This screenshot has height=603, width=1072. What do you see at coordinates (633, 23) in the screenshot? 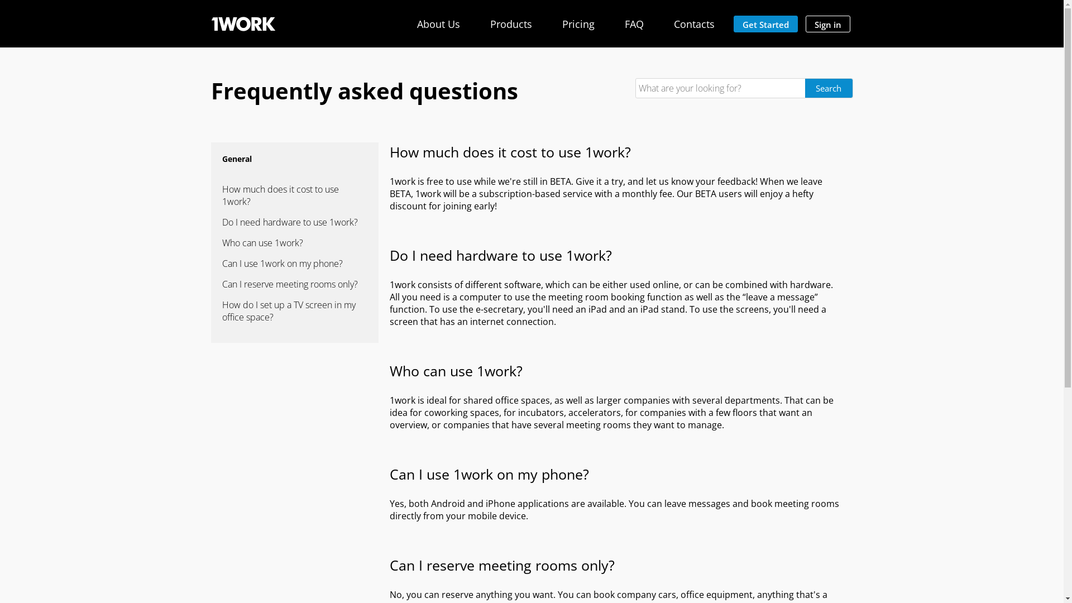
I see `'FAQ'` at bounding box center [633, 23].